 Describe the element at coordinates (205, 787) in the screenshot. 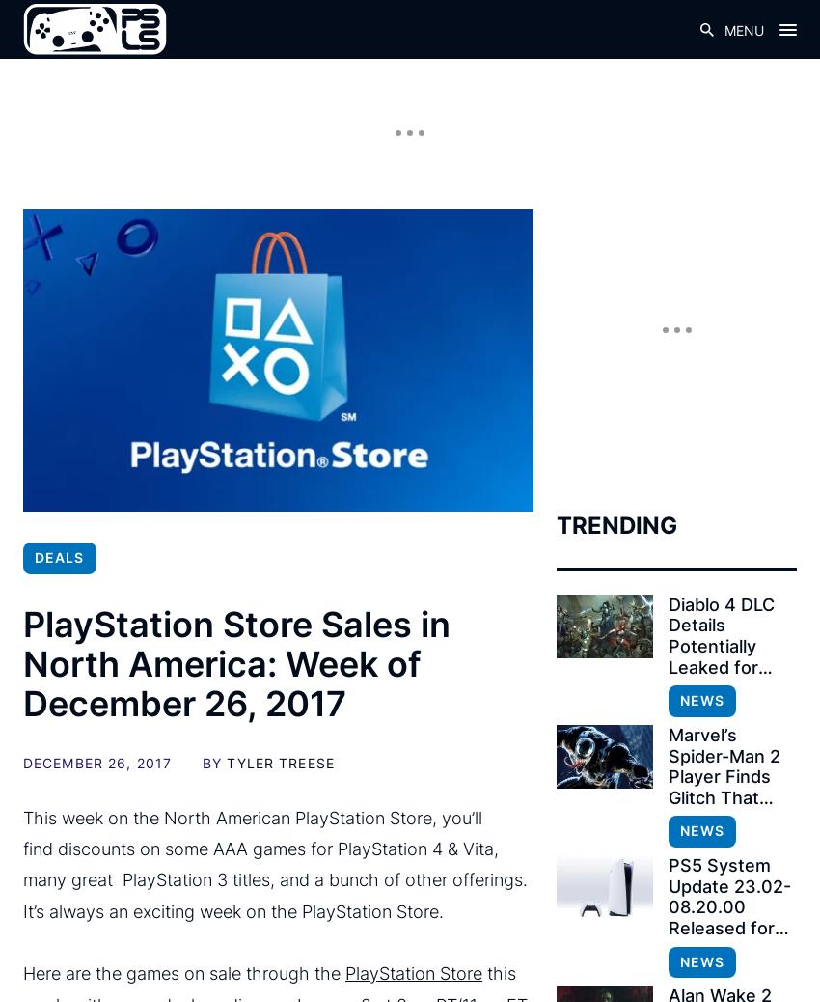

I see `'Metal Gear Solid 3 – $3.74'` at that location.